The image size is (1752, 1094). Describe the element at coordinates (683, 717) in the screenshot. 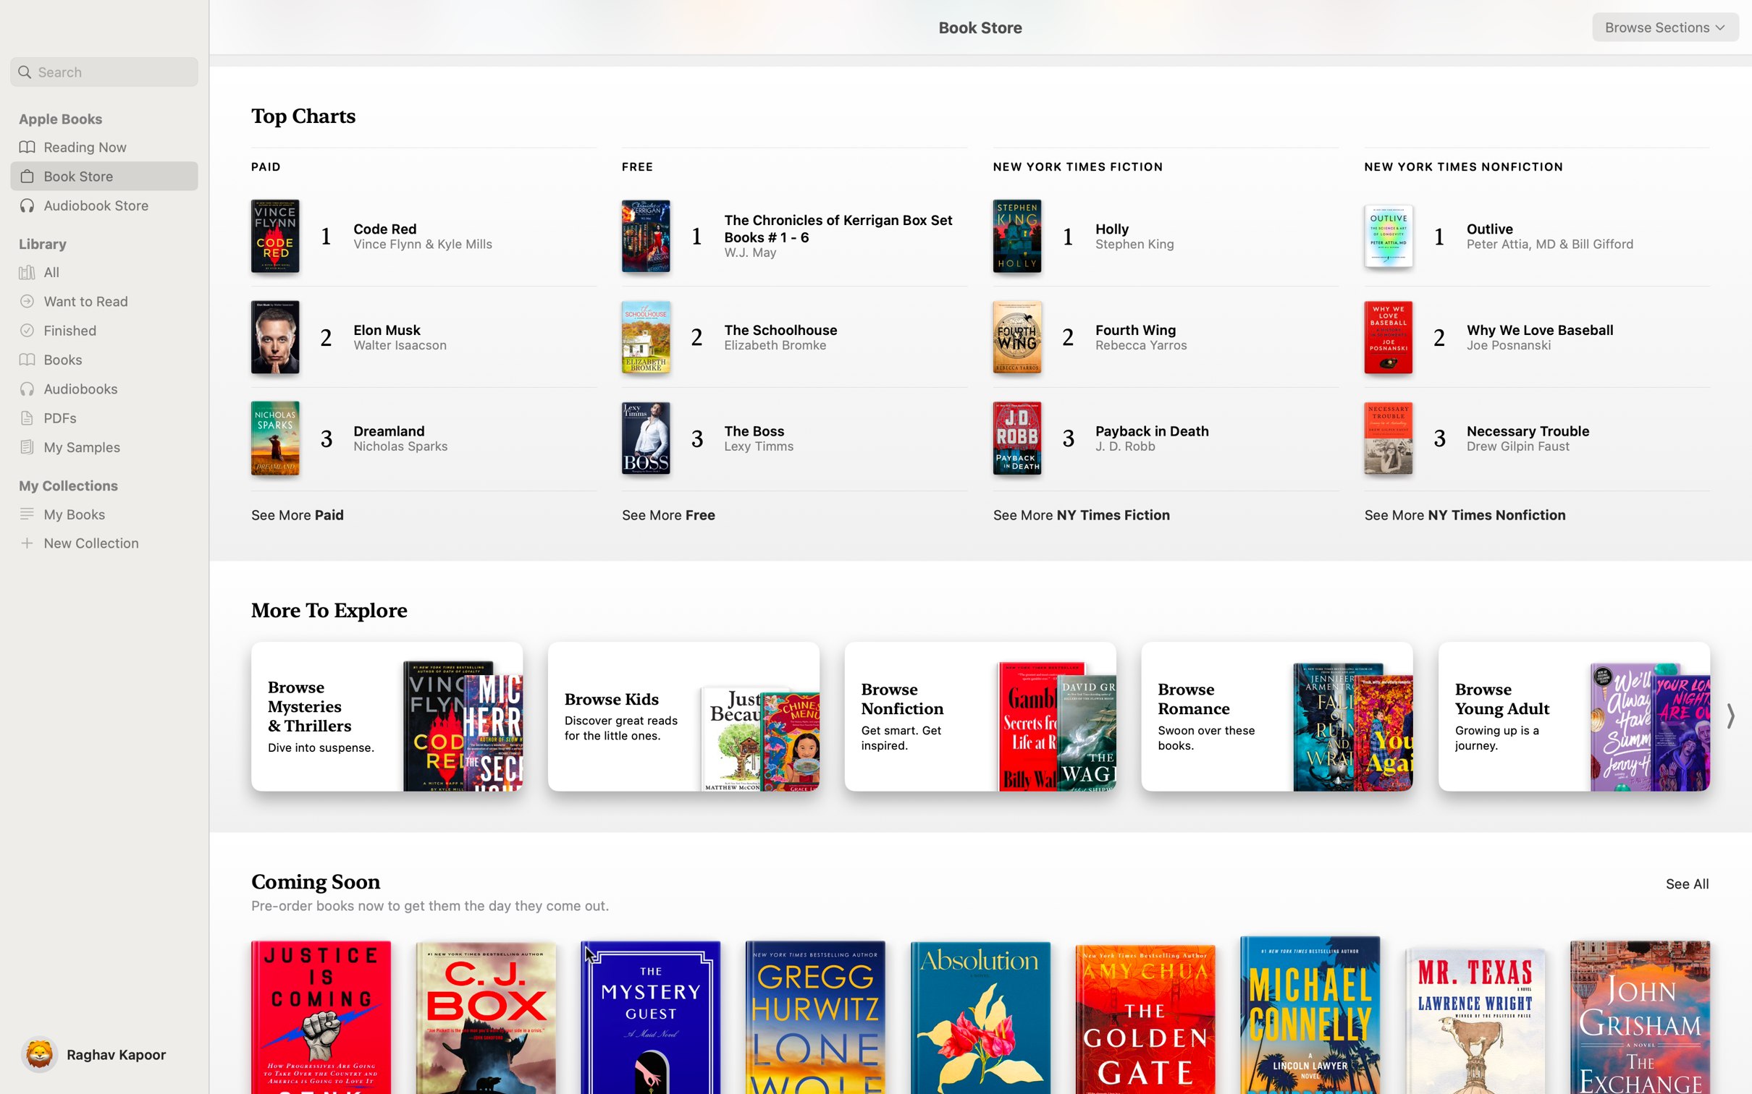

I see `"More to Explore" section and select Kids books` at that location.